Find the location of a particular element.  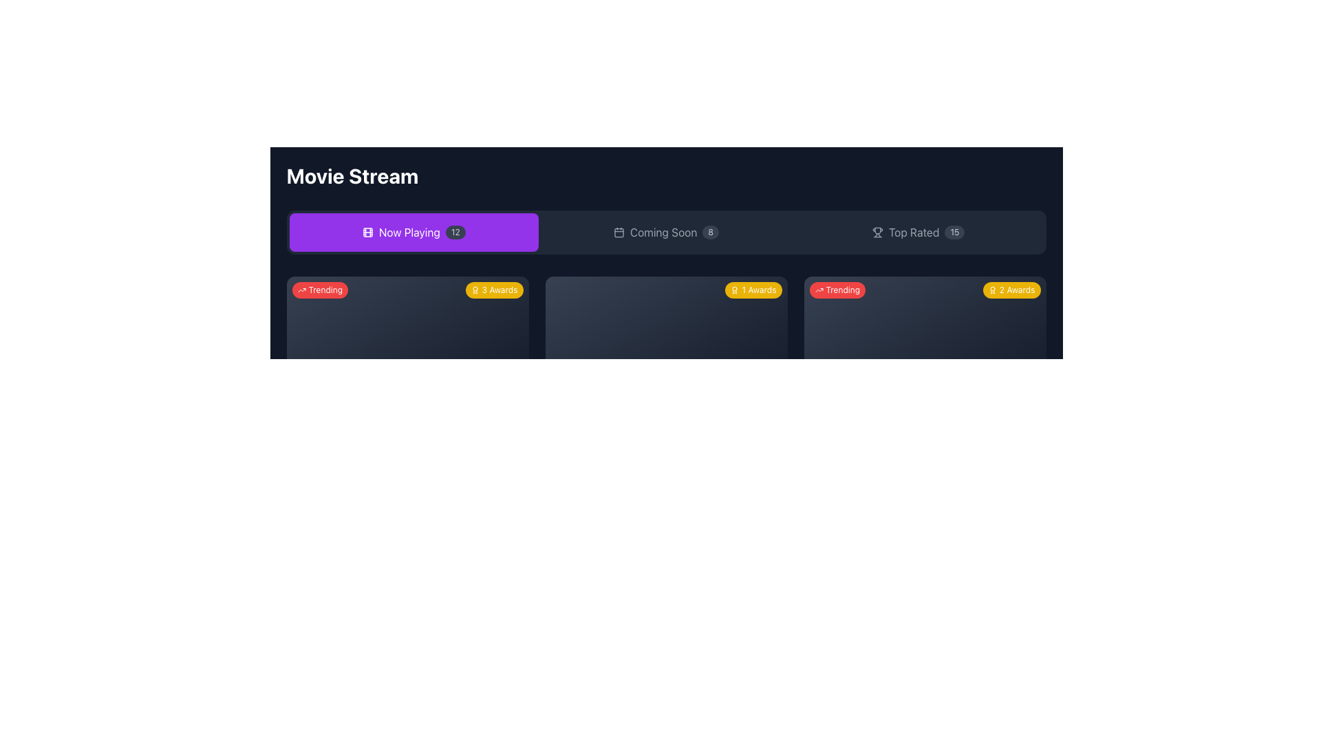

the decorative award icon, which is a circular medallion with a ribbon-like protrusion, located immediately to the left of the '3 Awards' text within a yellow badge is located at coordinates (475, 289).